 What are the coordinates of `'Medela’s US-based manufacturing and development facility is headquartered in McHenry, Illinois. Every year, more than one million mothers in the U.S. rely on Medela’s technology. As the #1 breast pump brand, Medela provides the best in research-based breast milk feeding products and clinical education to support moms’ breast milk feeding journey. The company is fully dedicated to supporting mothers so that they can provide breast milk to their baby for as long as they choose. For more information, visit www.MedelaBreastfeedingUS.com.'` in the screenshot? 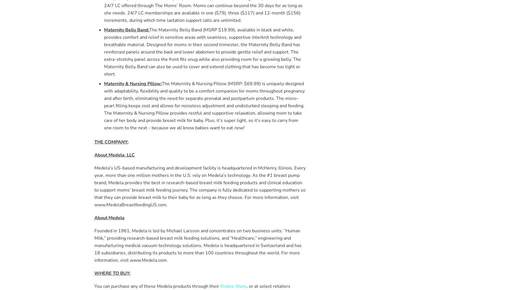 It's located at (200, 186).